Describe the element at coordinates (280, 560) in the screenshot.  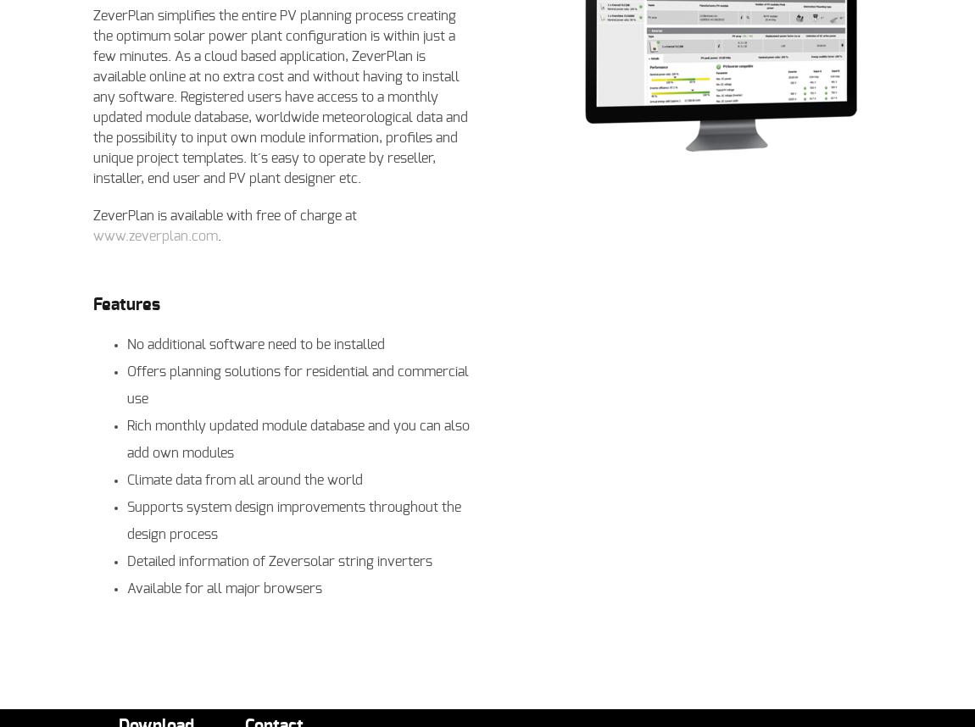
I see `'Detailed information of Zeversolar string inverters'` at that location.